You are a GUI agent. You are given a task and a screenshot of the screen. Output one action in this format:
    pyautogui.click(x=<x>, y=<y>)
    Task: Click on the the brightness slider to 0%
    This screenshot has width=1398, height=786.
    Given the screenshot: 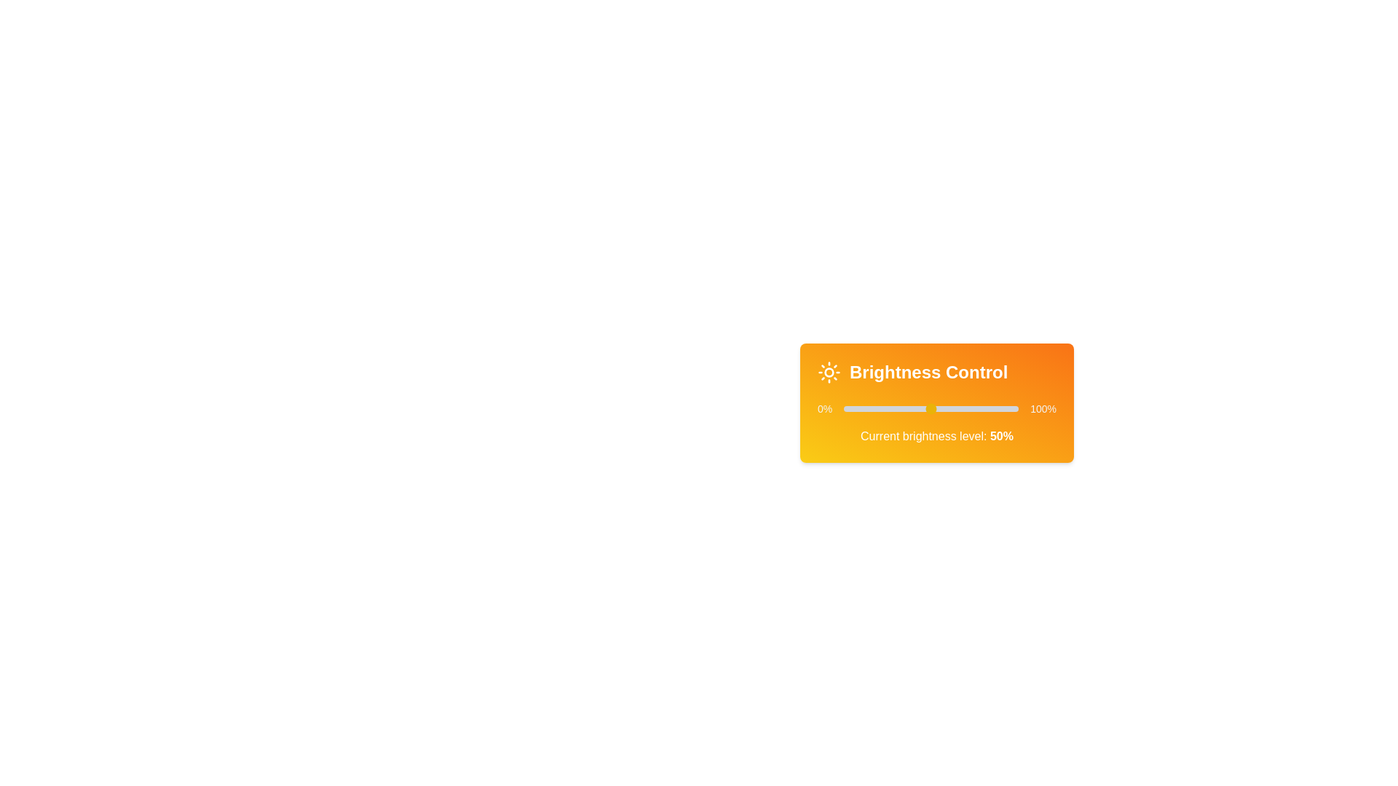 What is the action you would take?
    pyautogui.click(x=844, y=409)
    